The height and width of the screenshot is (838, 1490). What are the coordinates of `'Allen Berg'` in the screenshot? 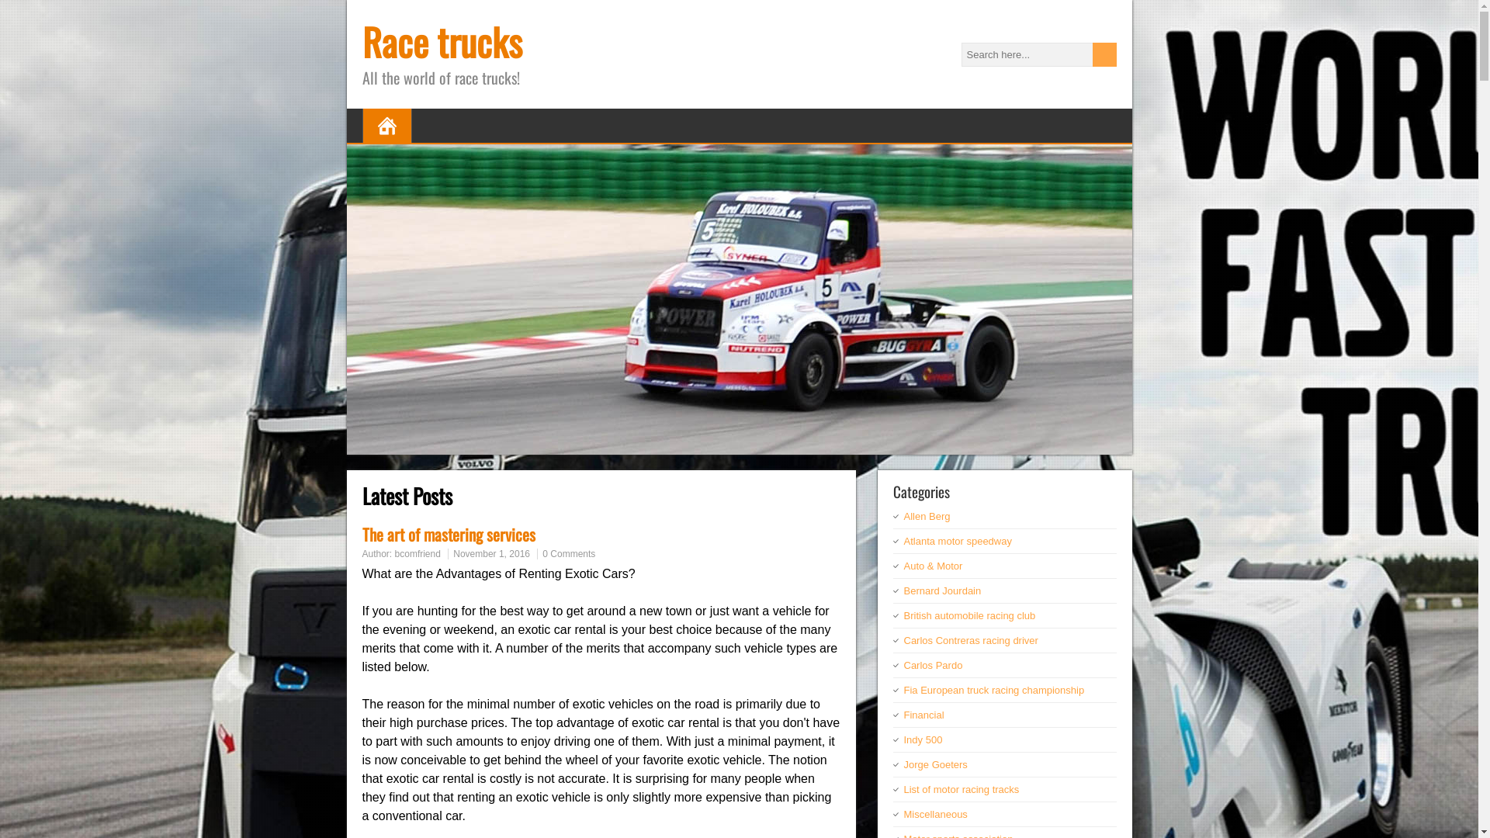 It's located at (927, 516).